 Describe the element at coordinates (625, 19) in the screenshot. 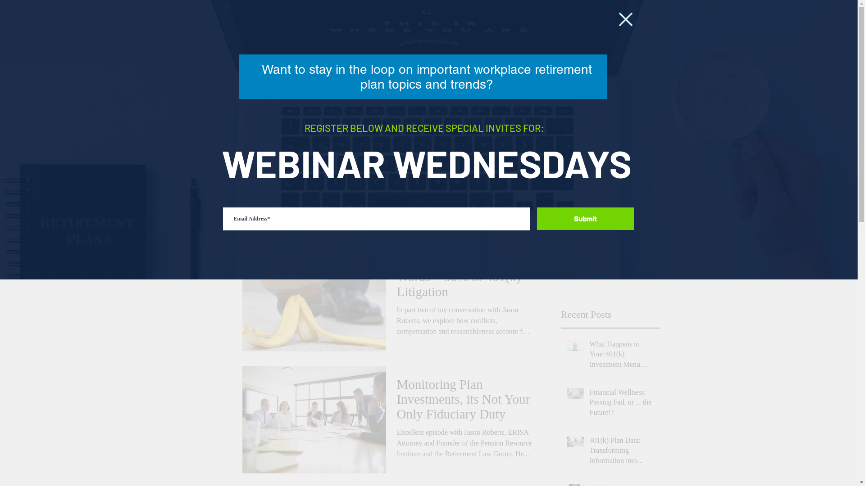

I see `'Back to site'` at that location.